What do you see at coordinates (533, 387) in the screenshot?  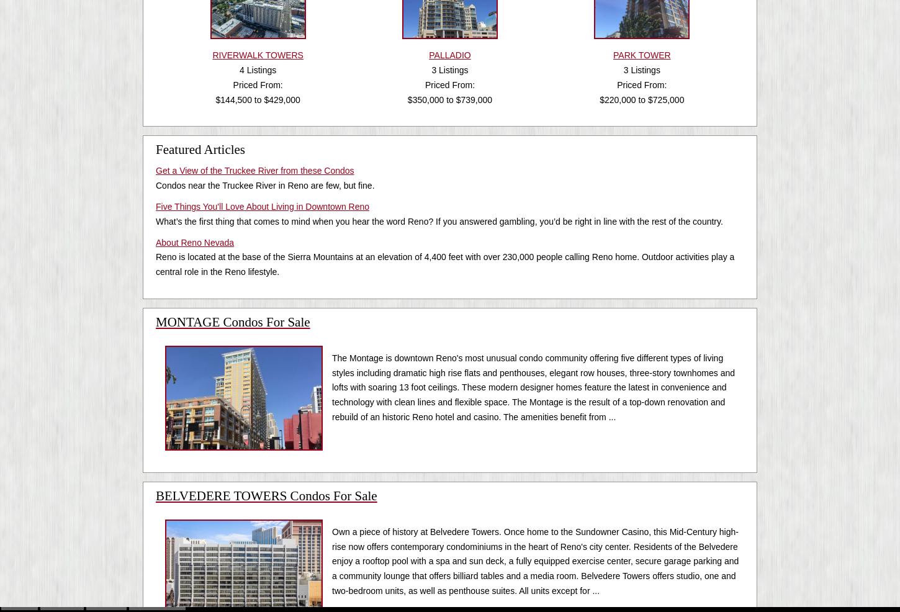 I see `'The Montage is downtown Reno's most unusual condo community offering five different types of living styles including dramatic high rise flats and penthouses, elegant row houses, three-story townhomes and lofts with soaring 13 foot ceilings. These modern designer homes feature the latest in convenience and technology with clean lines and flexible space.

The Montage is the result of a top-down renovation and rebuild of an historic Reno hotel and casino. The amenities benefit from ...'` at bounding box center [533, 387].